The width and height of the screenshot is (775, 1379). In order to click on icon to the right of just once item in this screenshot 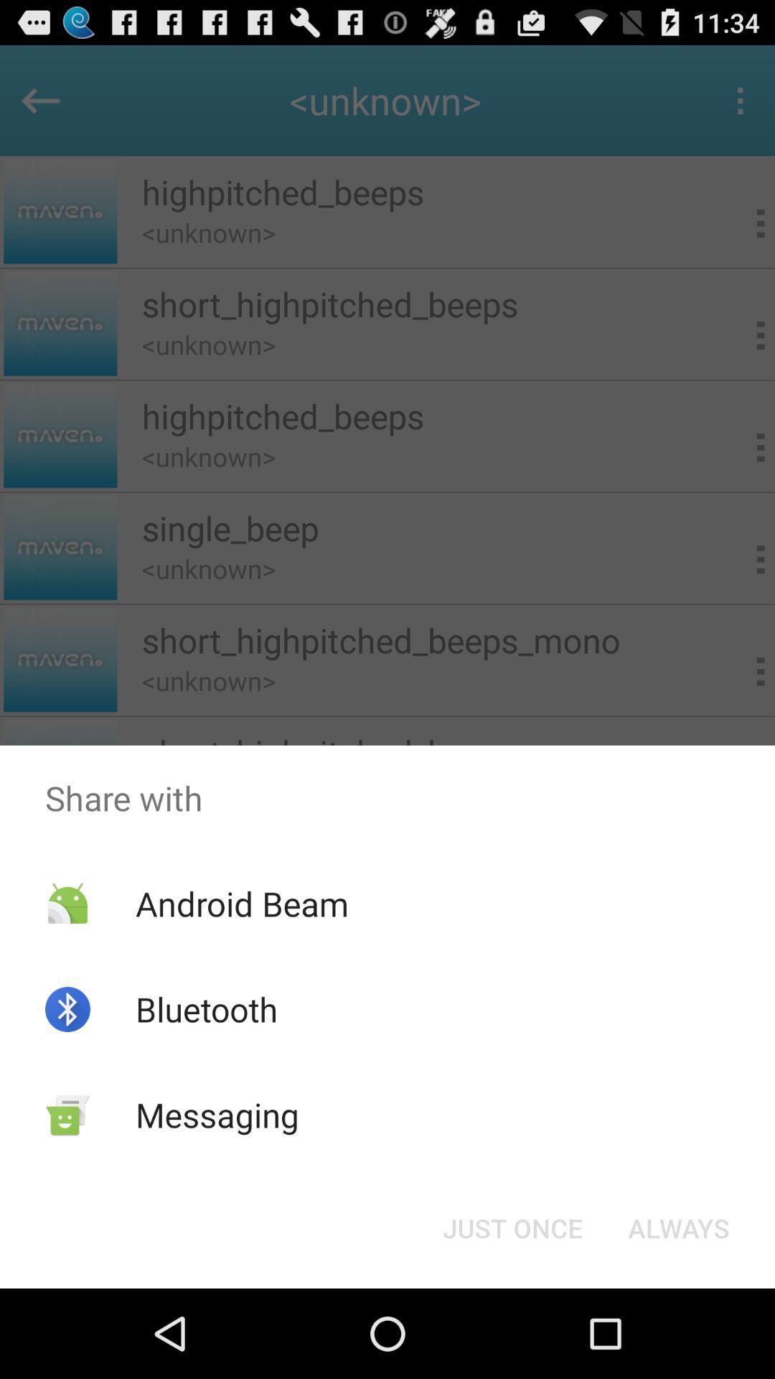, I will do `click(678, 1227)`.